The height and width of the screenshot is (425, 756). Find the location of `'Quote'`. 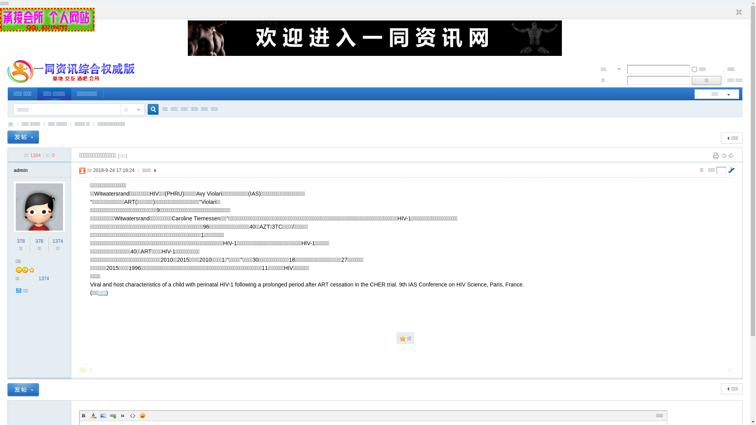

'Quote' is located at coordinates (122, 415).